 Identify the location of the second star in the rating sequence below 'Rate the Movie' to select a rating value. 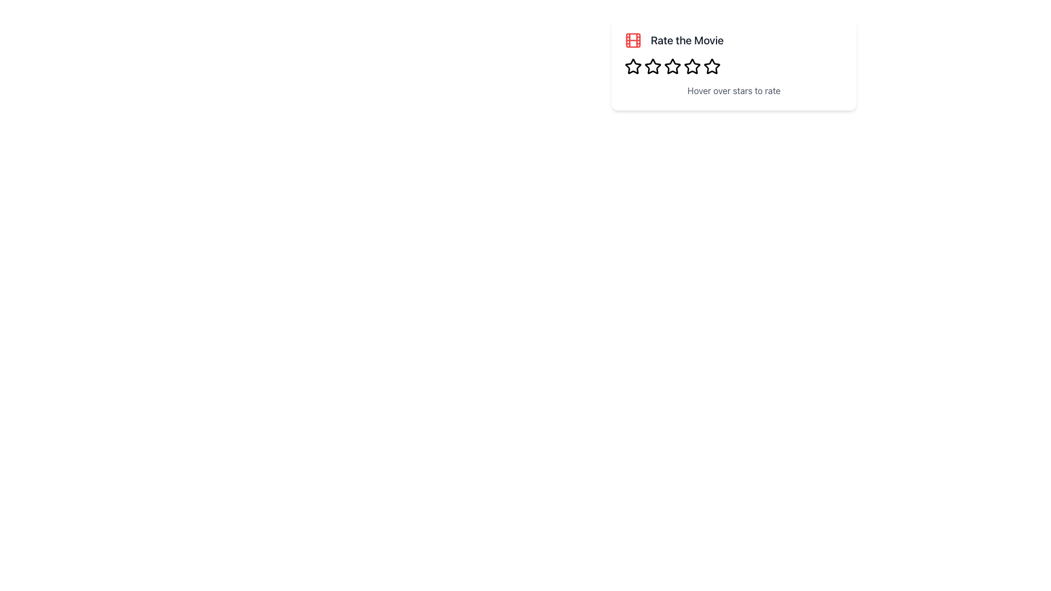
(653, 67).